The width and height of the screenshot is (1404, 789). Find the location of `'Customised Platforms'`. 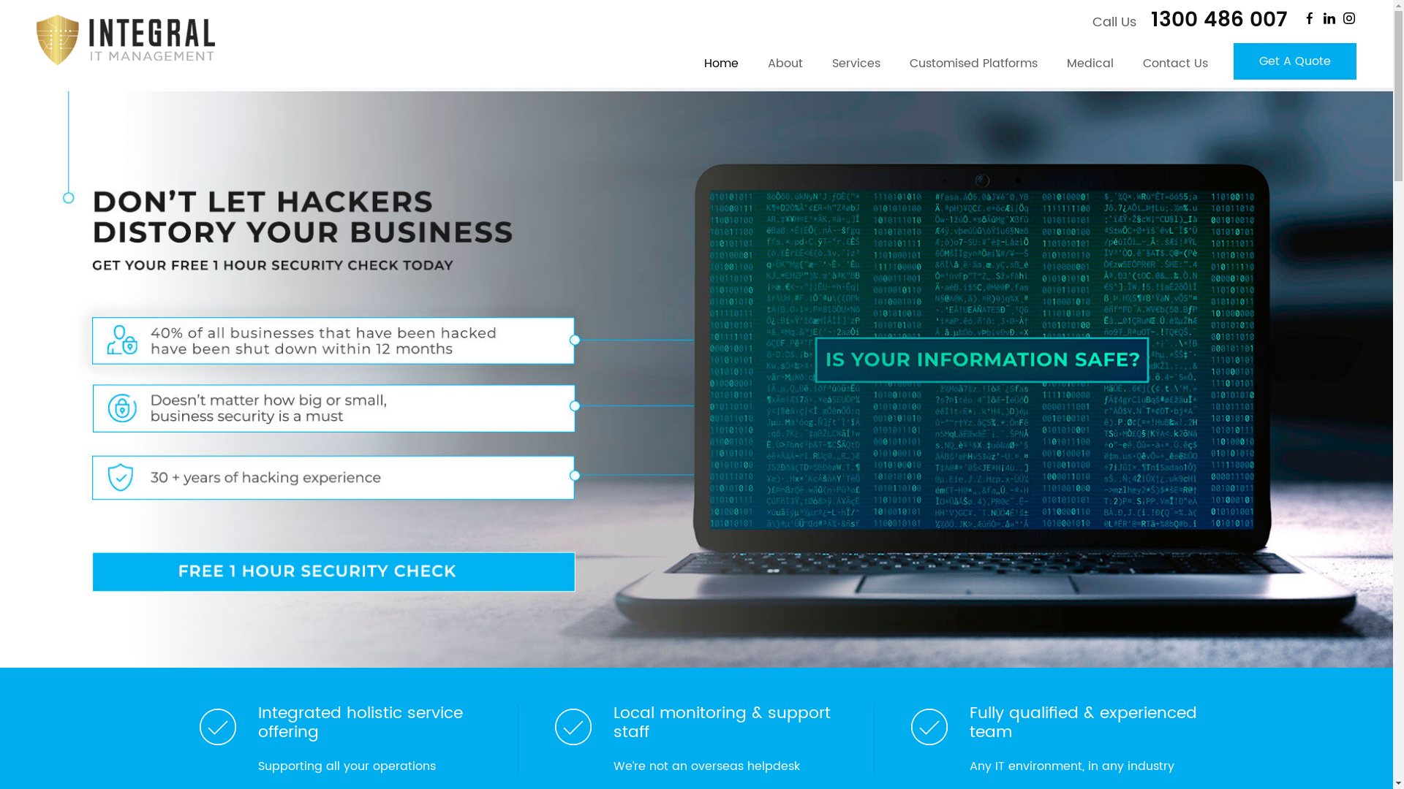

'Customised Platforms' is located at coordinates (973, 67).